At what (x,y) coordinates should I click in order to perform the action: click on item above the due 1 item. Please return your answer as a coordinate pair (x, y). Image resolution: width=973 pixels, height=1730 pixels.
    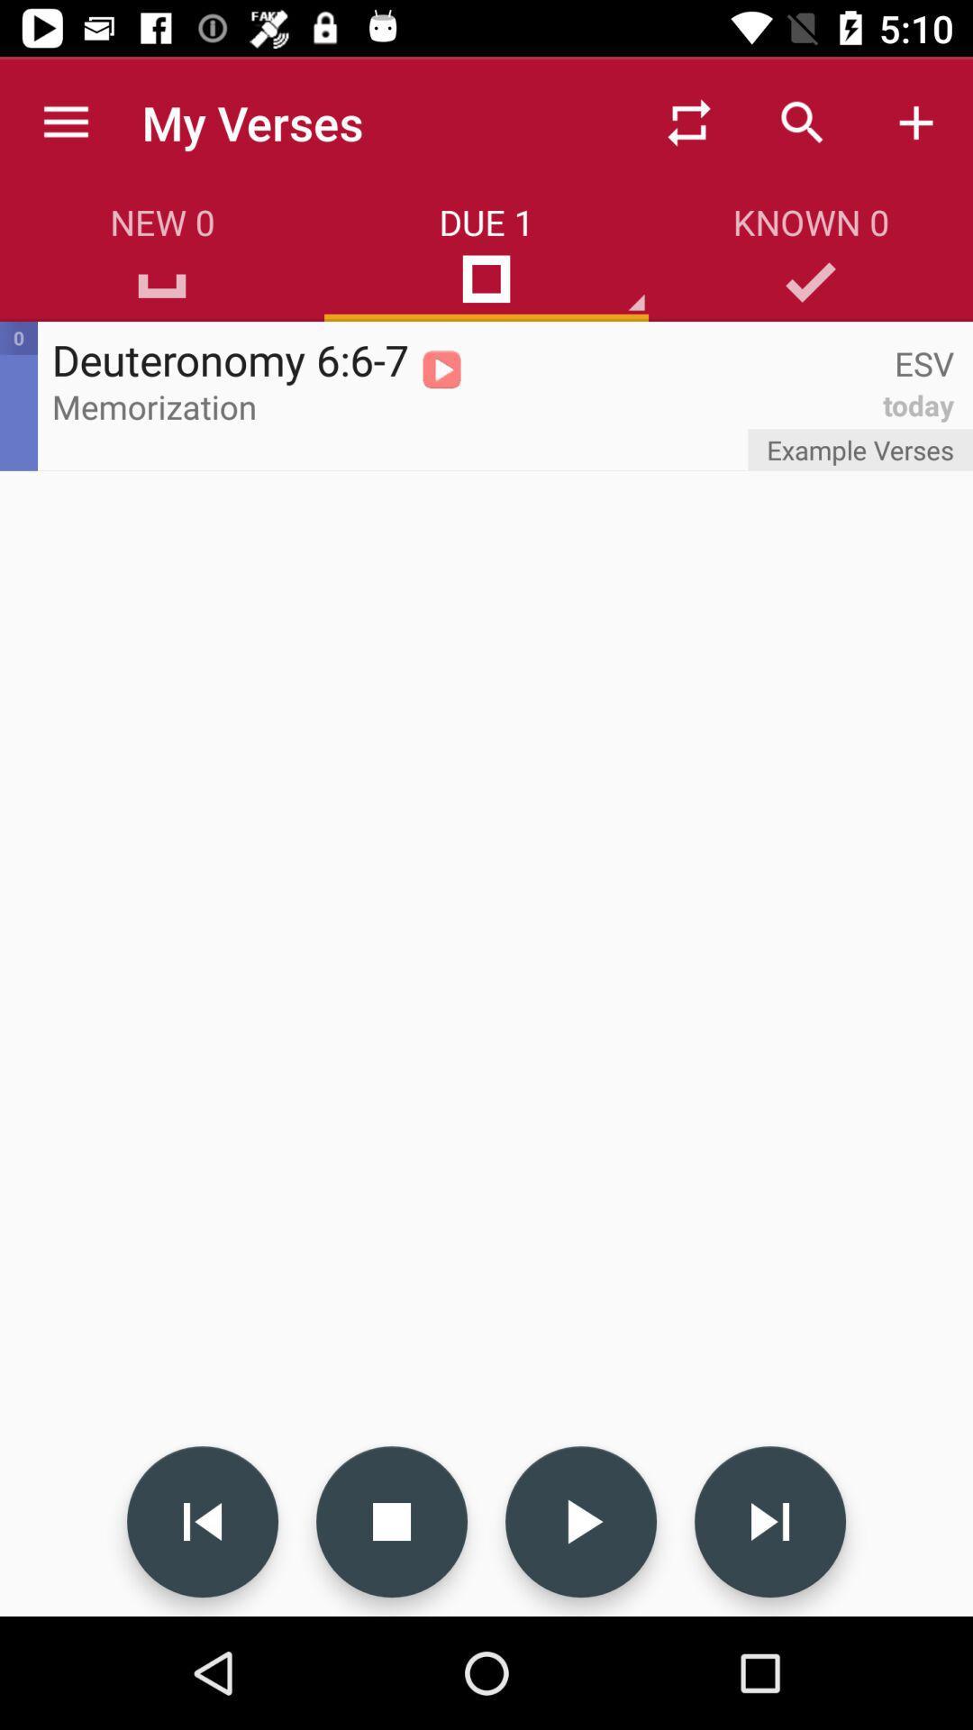
    Looking at the image, I should click on (688, 122).